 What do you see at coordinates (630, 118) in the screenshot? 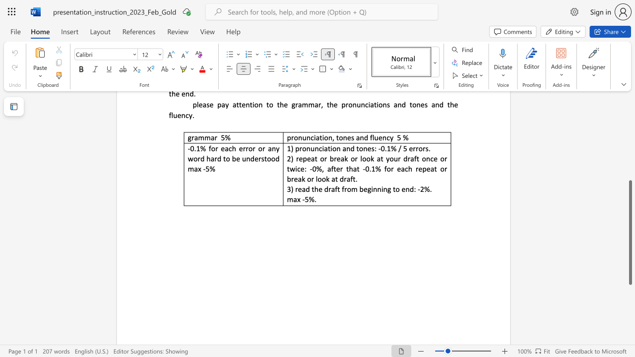
I see `the scrollbar` at bounding box center [630, 118].